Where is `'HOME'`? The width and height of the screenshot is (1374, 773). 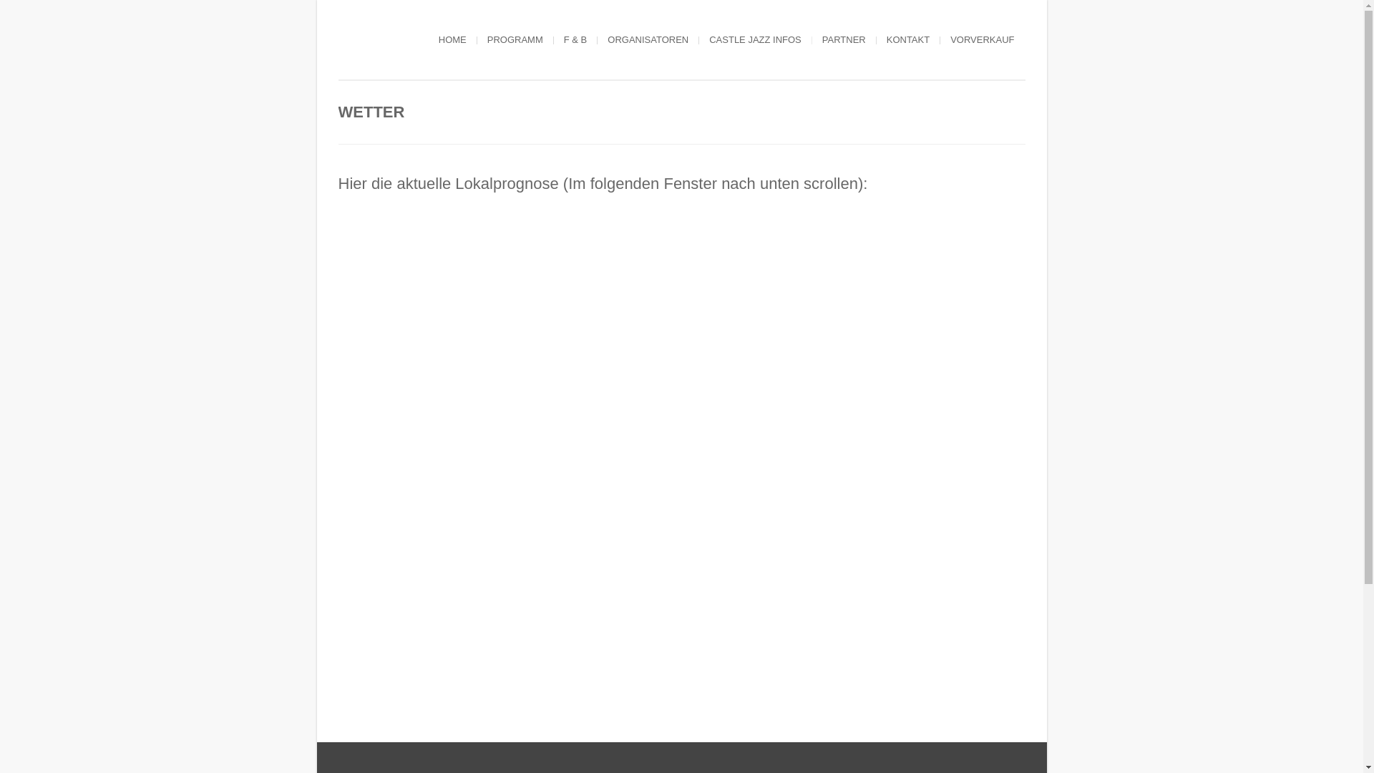 'HOME' is located at coordinates (452, 39).